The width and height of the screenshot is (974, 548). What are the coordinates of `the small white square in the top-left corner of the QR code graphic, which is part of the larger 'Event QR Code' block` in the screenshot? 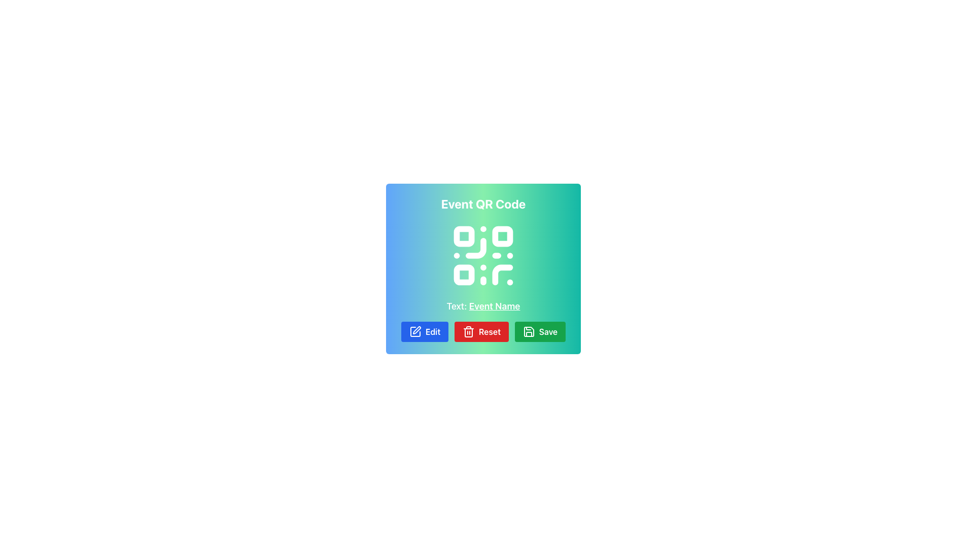 It's located at (464, 236).